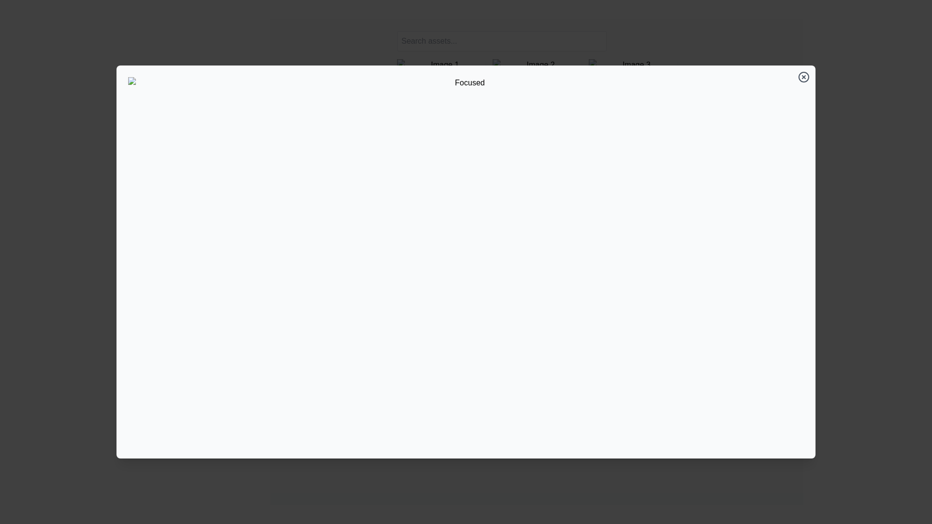 This screenshot has height=524, width=932. What do you see at coordinates (804, 76) in the screenshot?
I see `the circular close icon located in the top-right corner of the modal` at bounding box center [804, 76].